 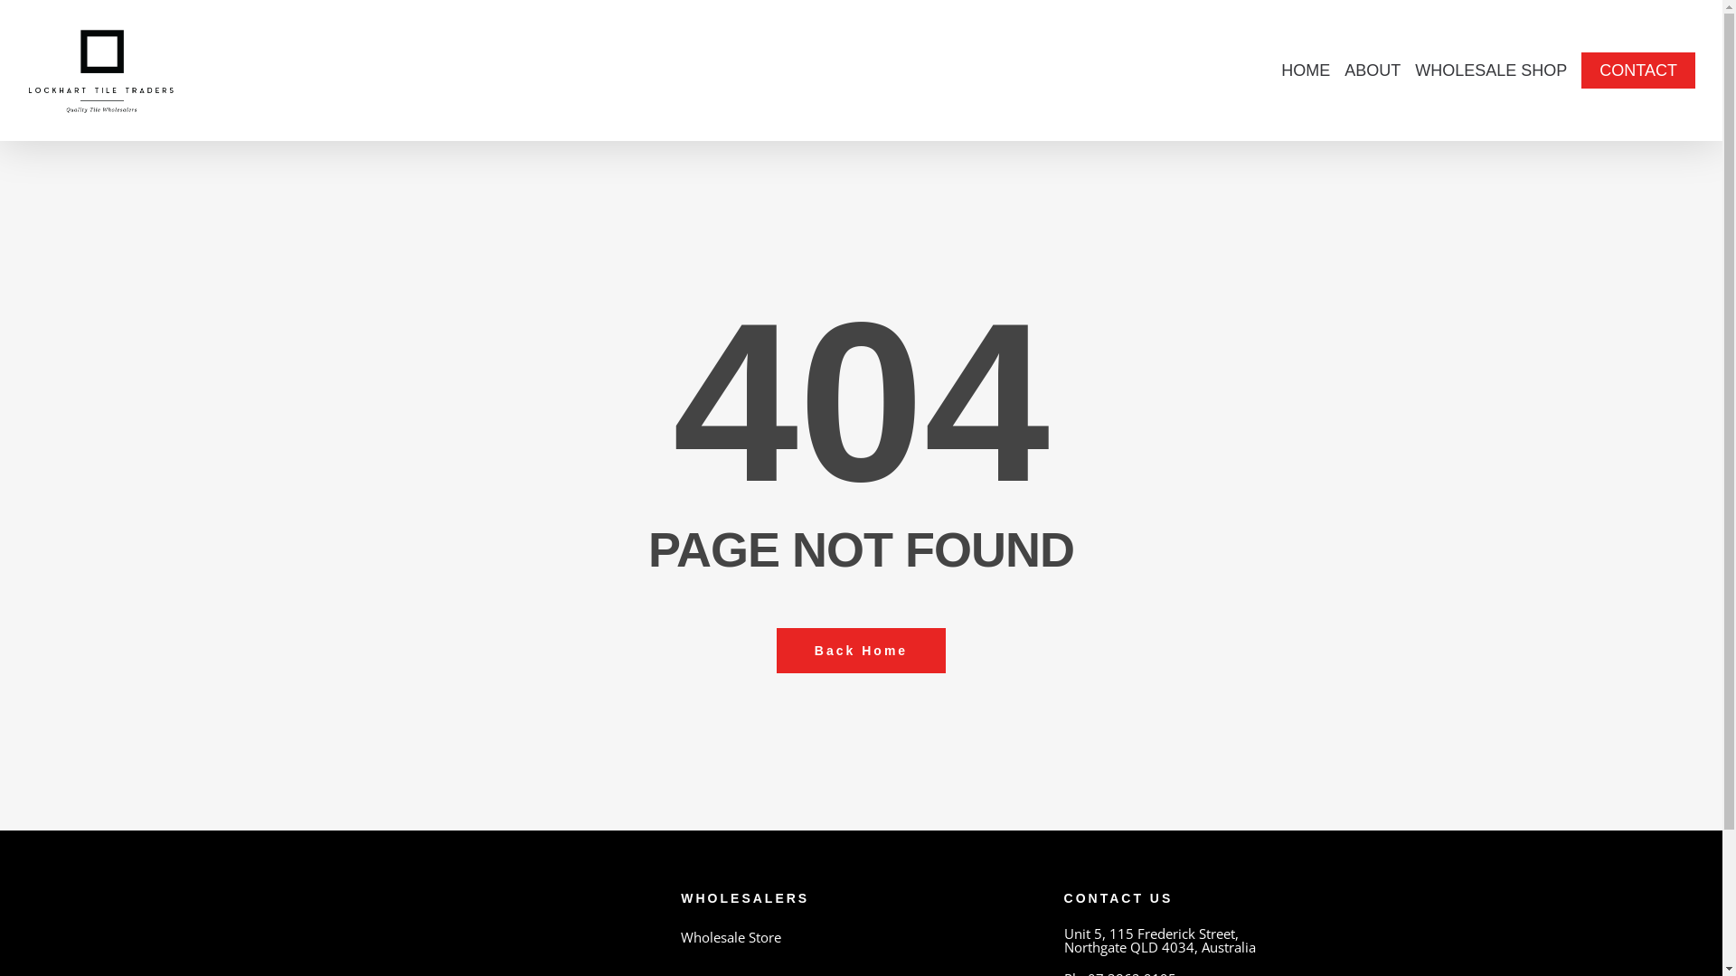 I want to click on 'Wholesale Store', so click(x=859, y=936).